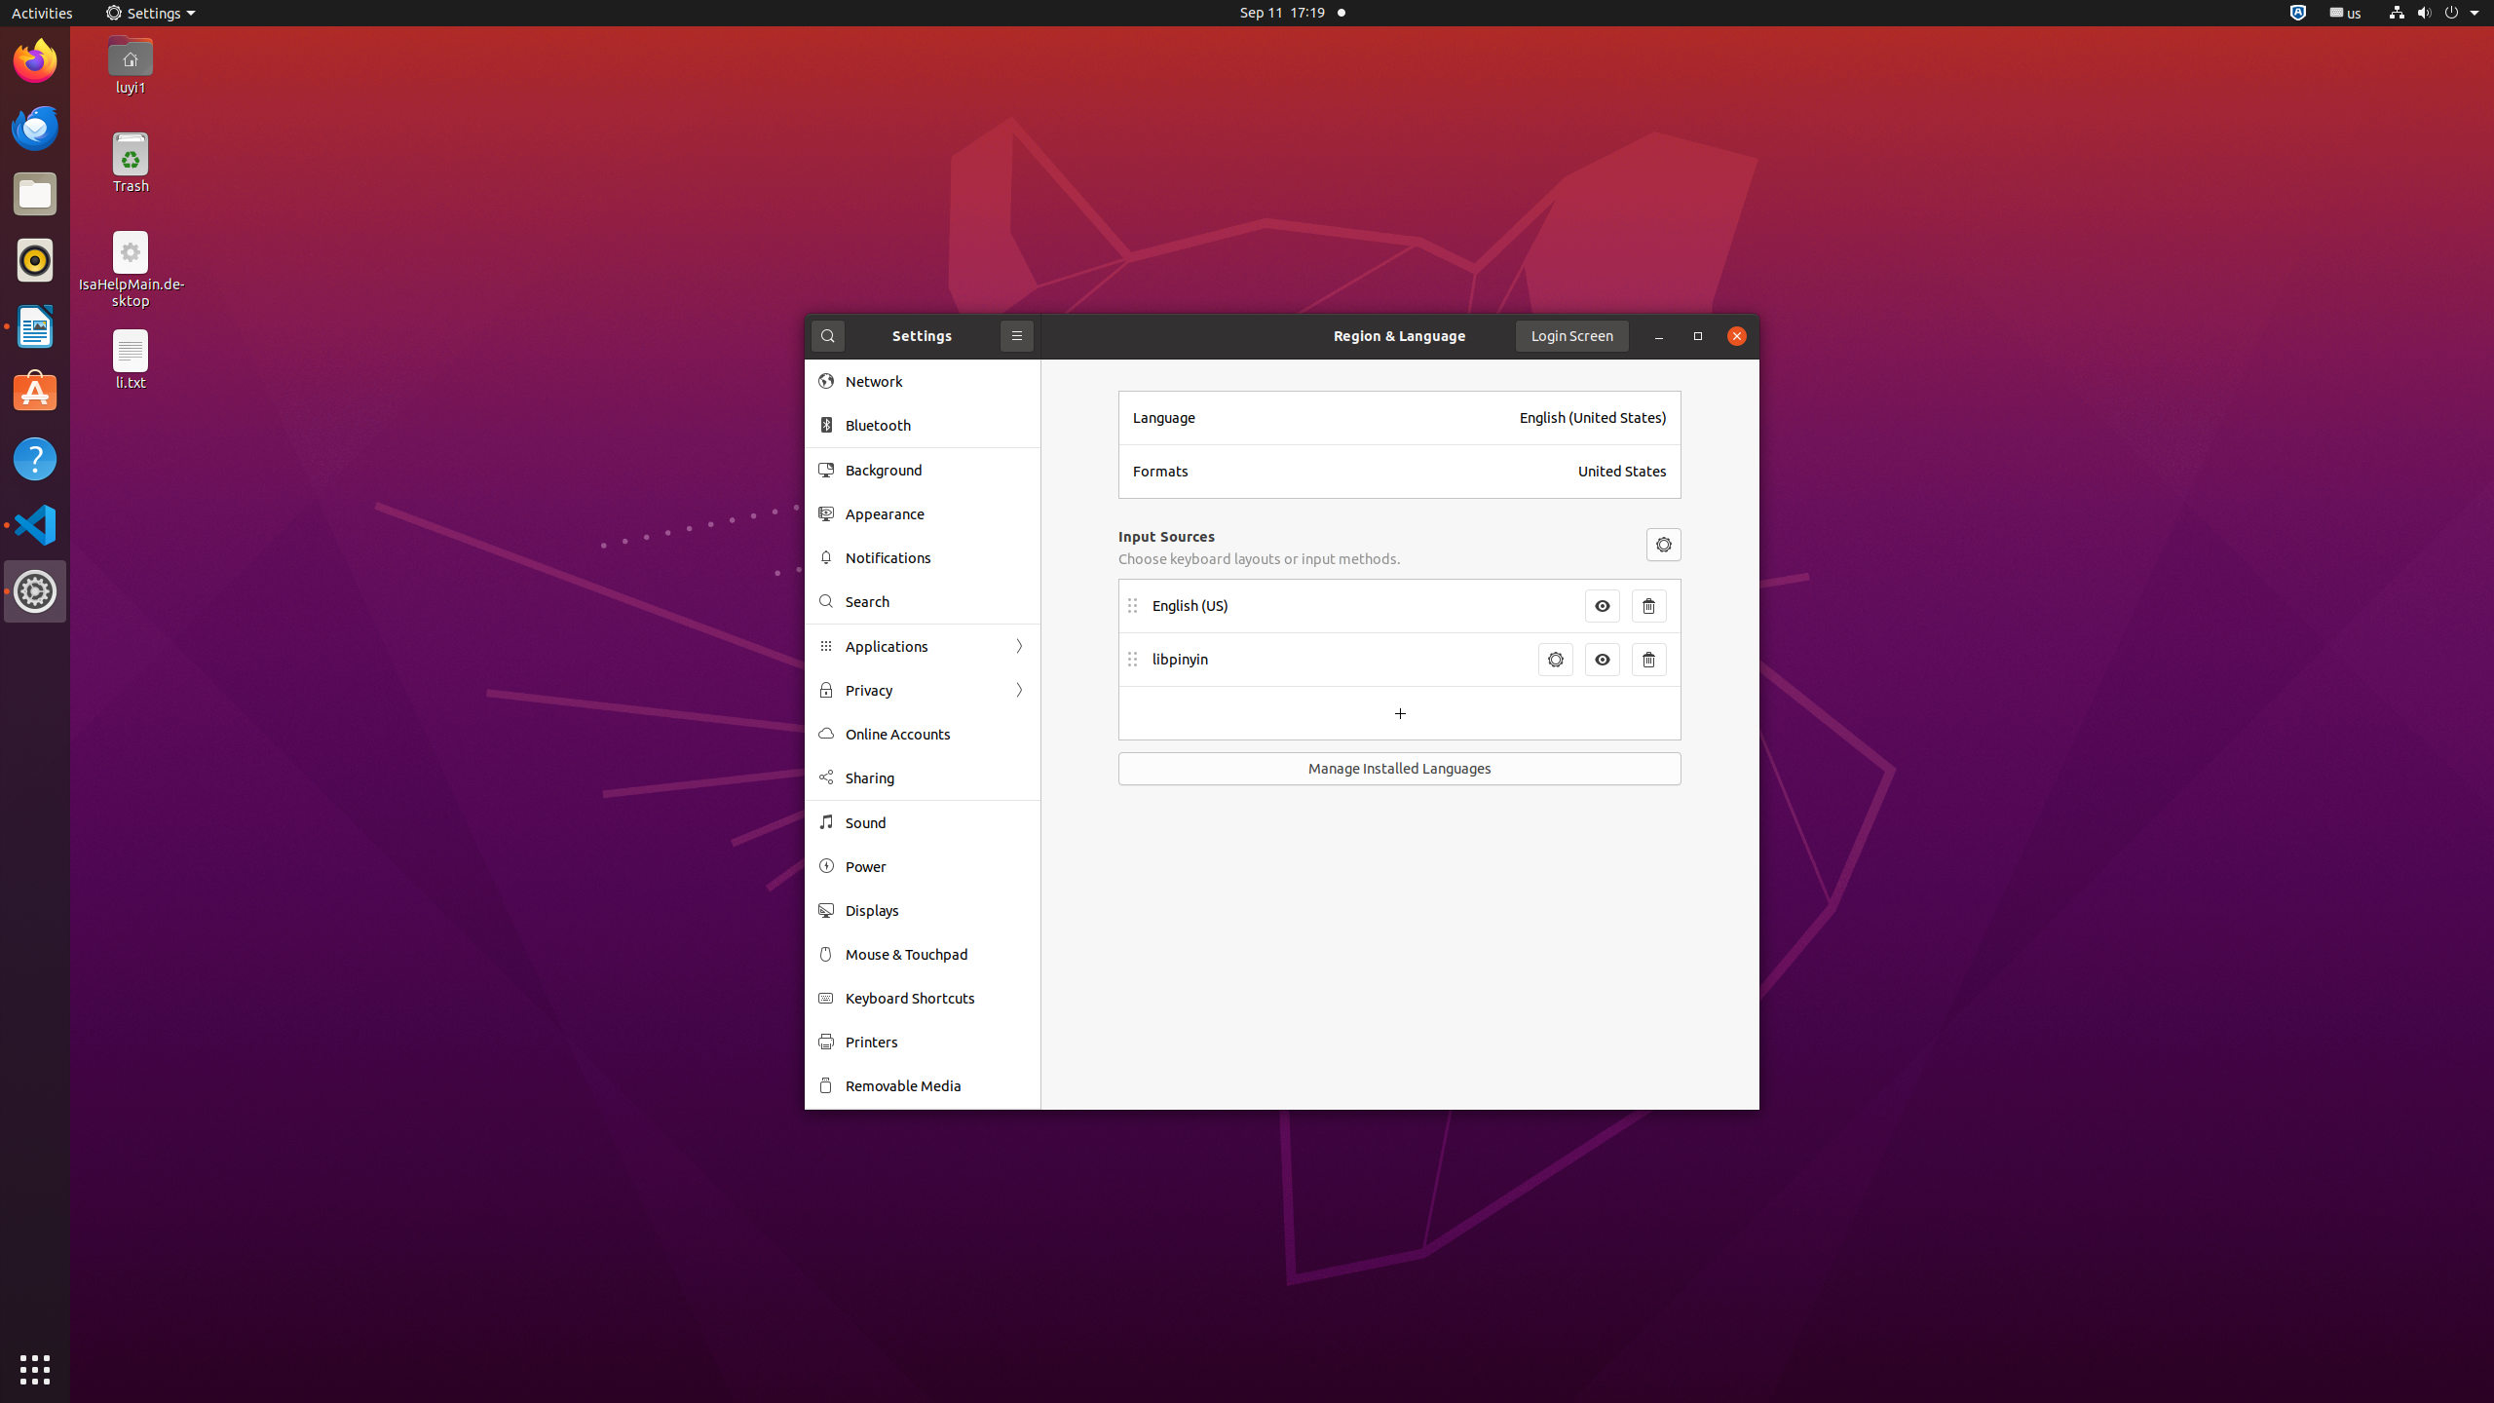 The height and width of the screenshot is (1403, 2494). Describe the element at coordinates (1592, 417) in the screenshot. I see `'English (United States)'` at that location.